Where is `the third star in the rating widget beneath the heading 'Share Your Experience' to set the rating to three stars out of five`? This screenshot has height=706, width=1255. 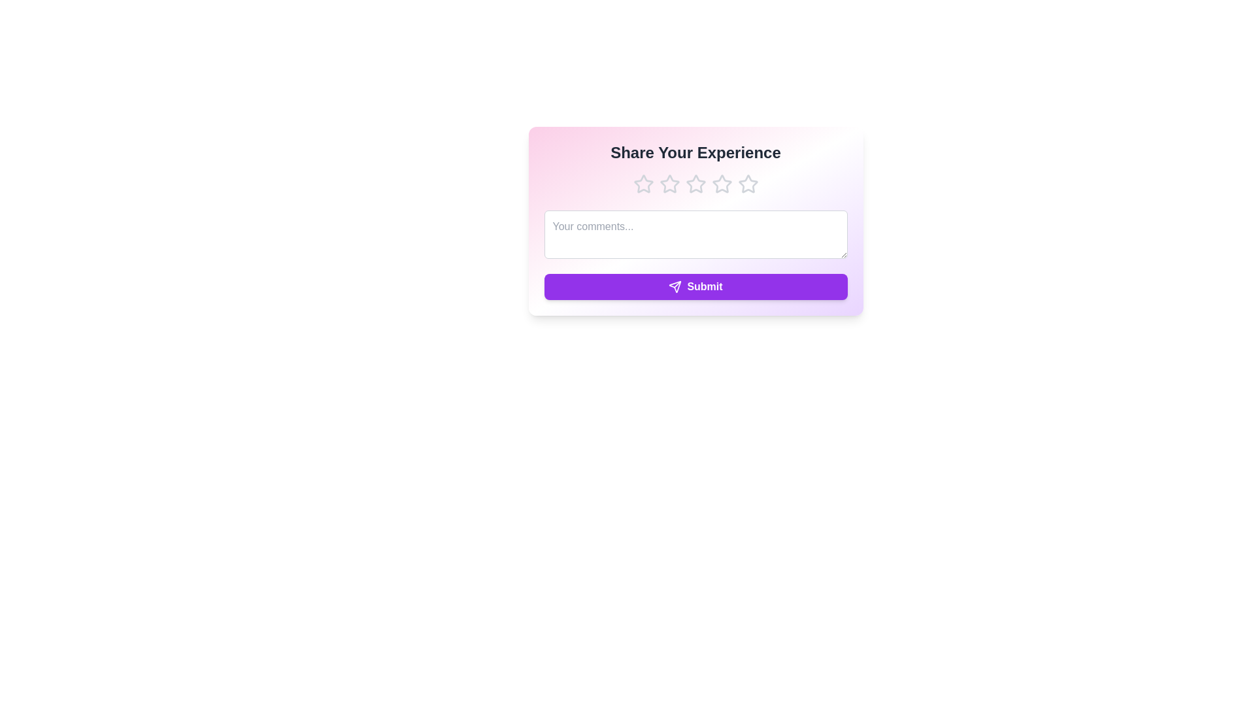
the third star in the rating widget beneath the heading 'Share Your Experience' to set the rating to three stars out of five is located at coordinates (721, 184).